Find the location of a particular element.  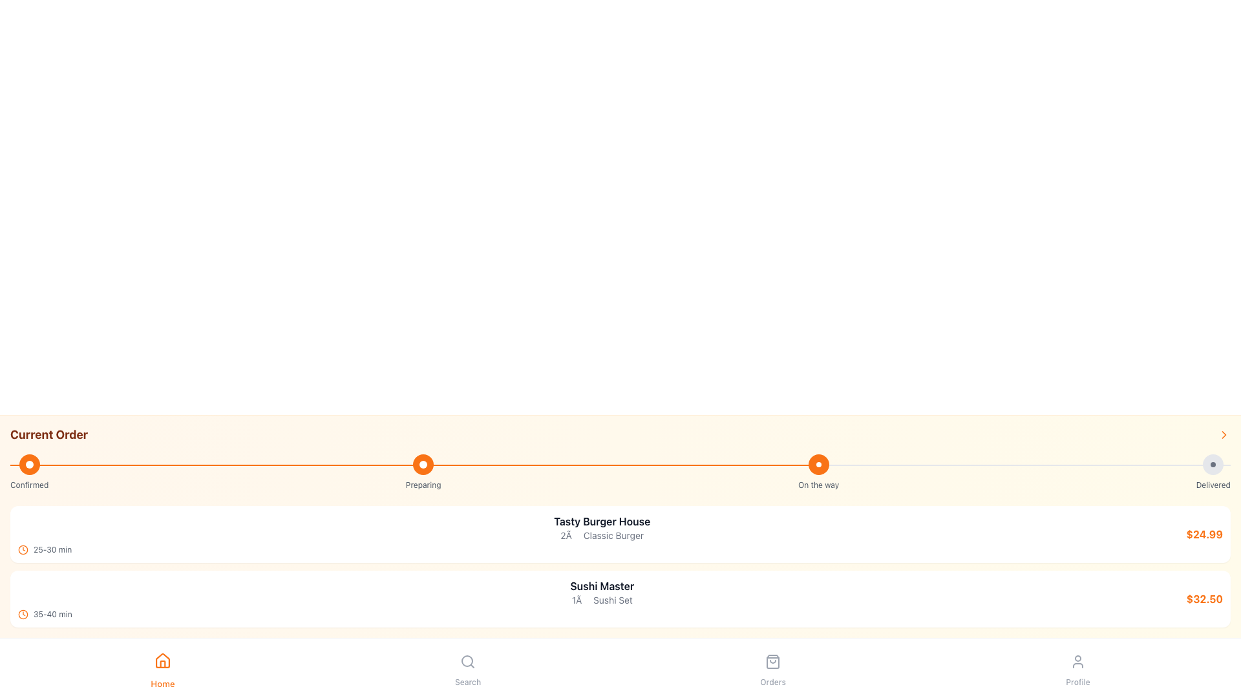

the 'Orders' tab in the navigation bar is located at coordinates (773, 668).